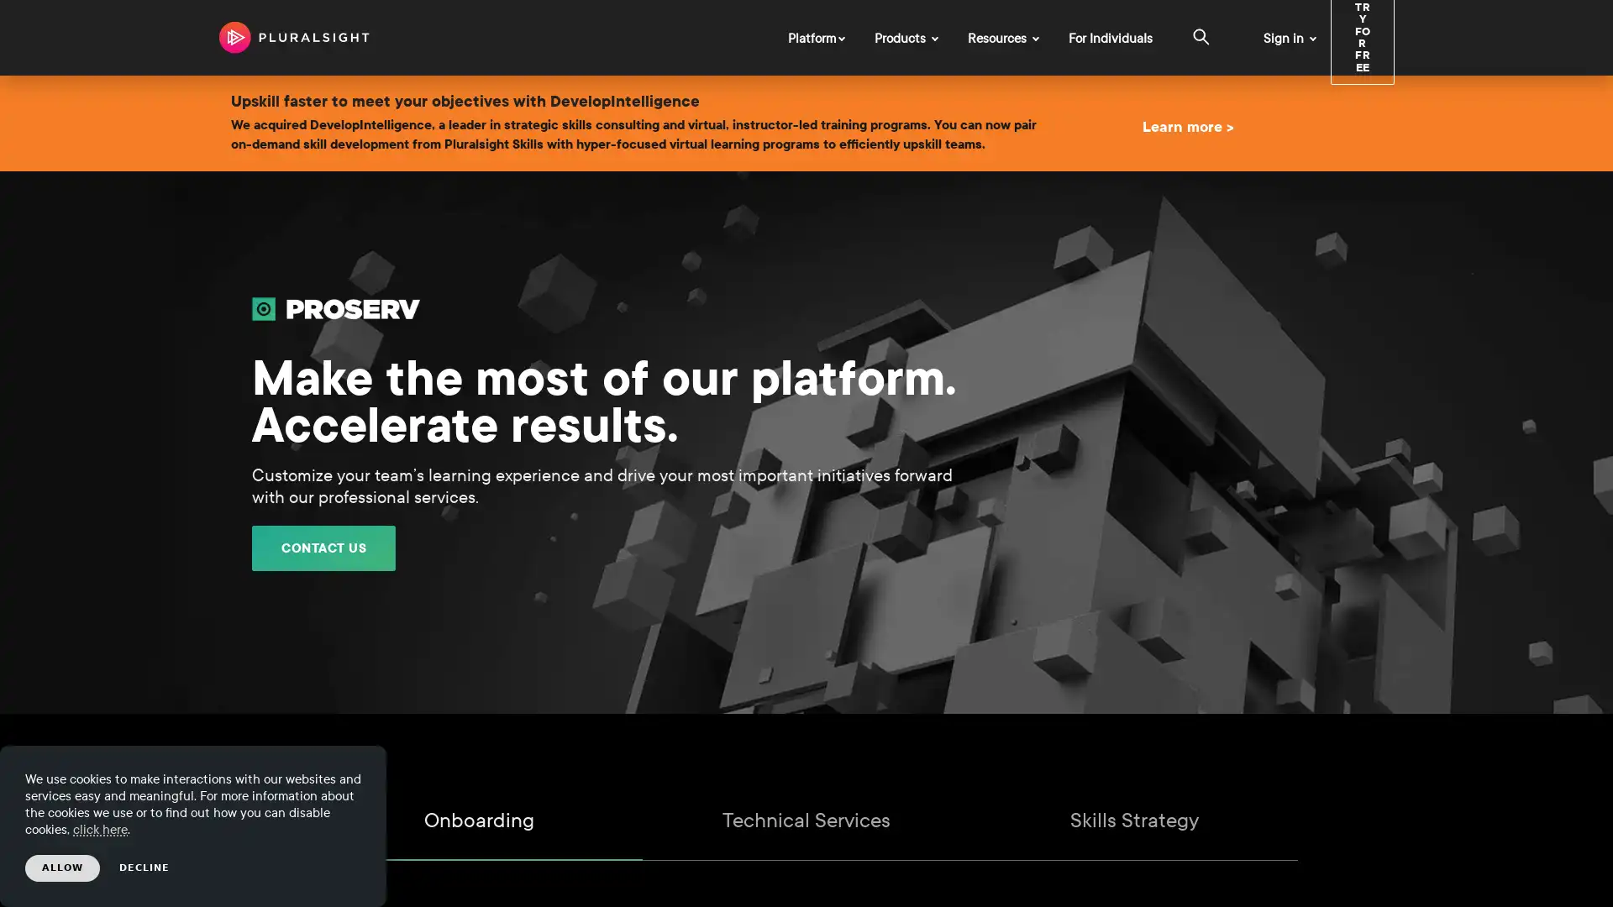 This screenshot has width=1613, height=907. What do you see at coordinates (62, 868) in the screenshot?
I see `ALLOW` at bounding box center [62, 868].